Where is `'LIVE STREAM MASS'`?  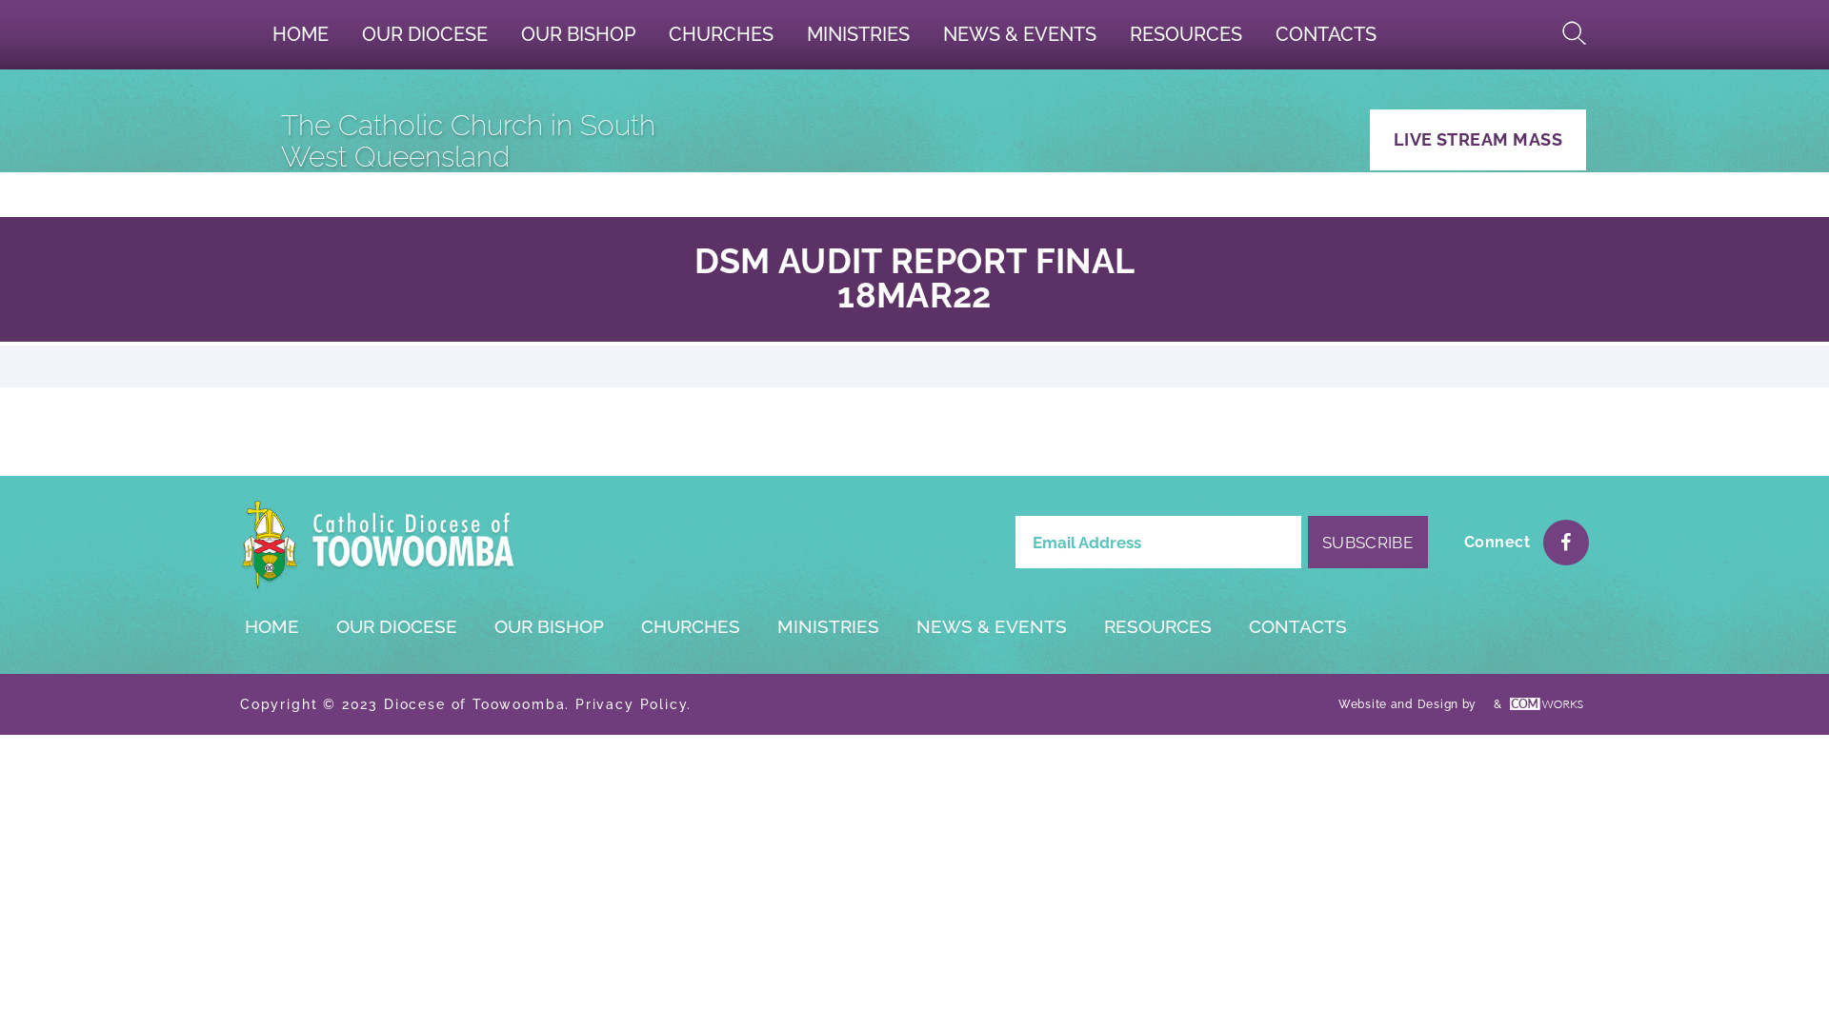
'LIVE STREAM MASS' is located at coordinates (1477, 138).